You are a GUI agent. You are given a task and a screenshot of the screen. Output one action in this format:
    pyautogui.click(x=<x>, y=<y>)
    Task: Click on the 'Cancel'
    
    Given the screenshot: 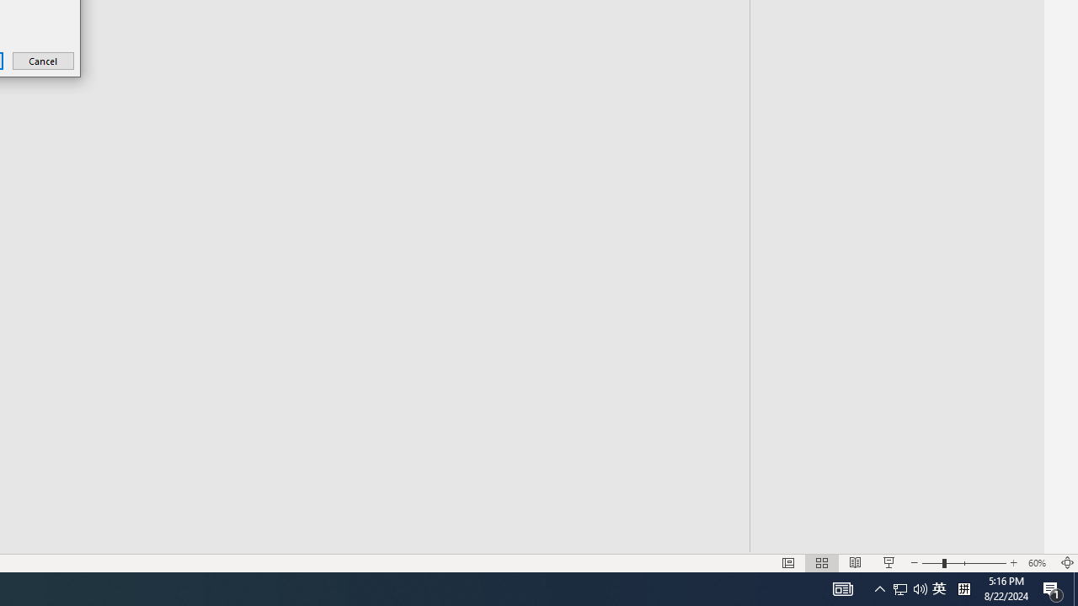 What is the action you would take?
    pyautogui.click(x=43, y=60)
    